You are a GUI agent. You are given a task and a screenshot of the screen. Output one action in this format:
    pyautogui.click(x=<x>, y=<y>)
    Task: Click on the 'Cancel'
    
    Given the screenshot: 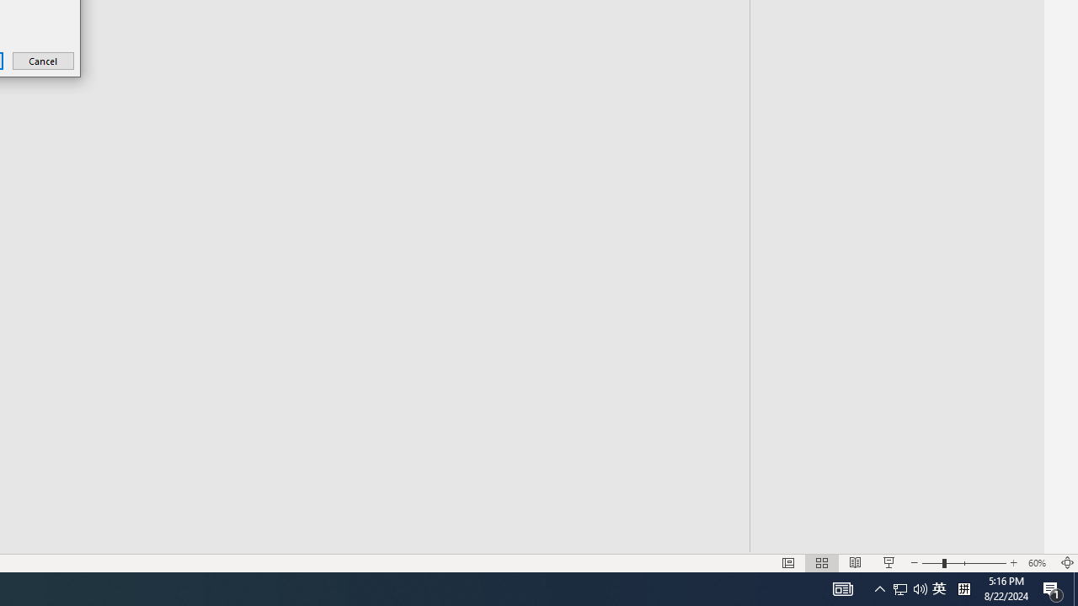 What is the action you would take?
    pyautogui.click(x=43, y=60)
    